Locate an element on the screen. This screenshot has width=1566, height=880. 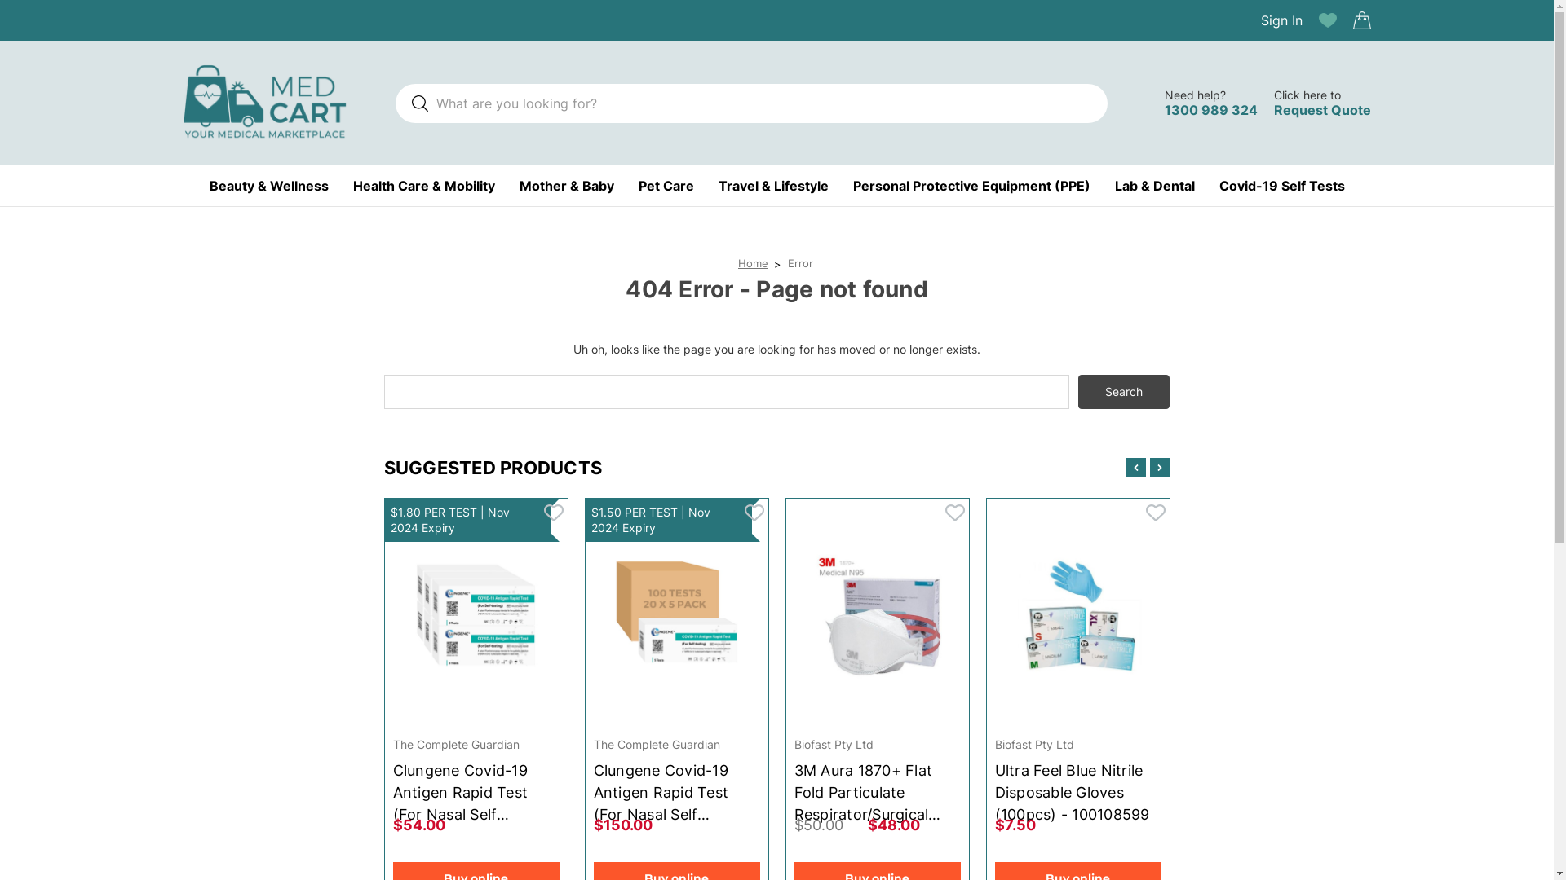
'Request Quote' is located at coordinates (1322, 110).